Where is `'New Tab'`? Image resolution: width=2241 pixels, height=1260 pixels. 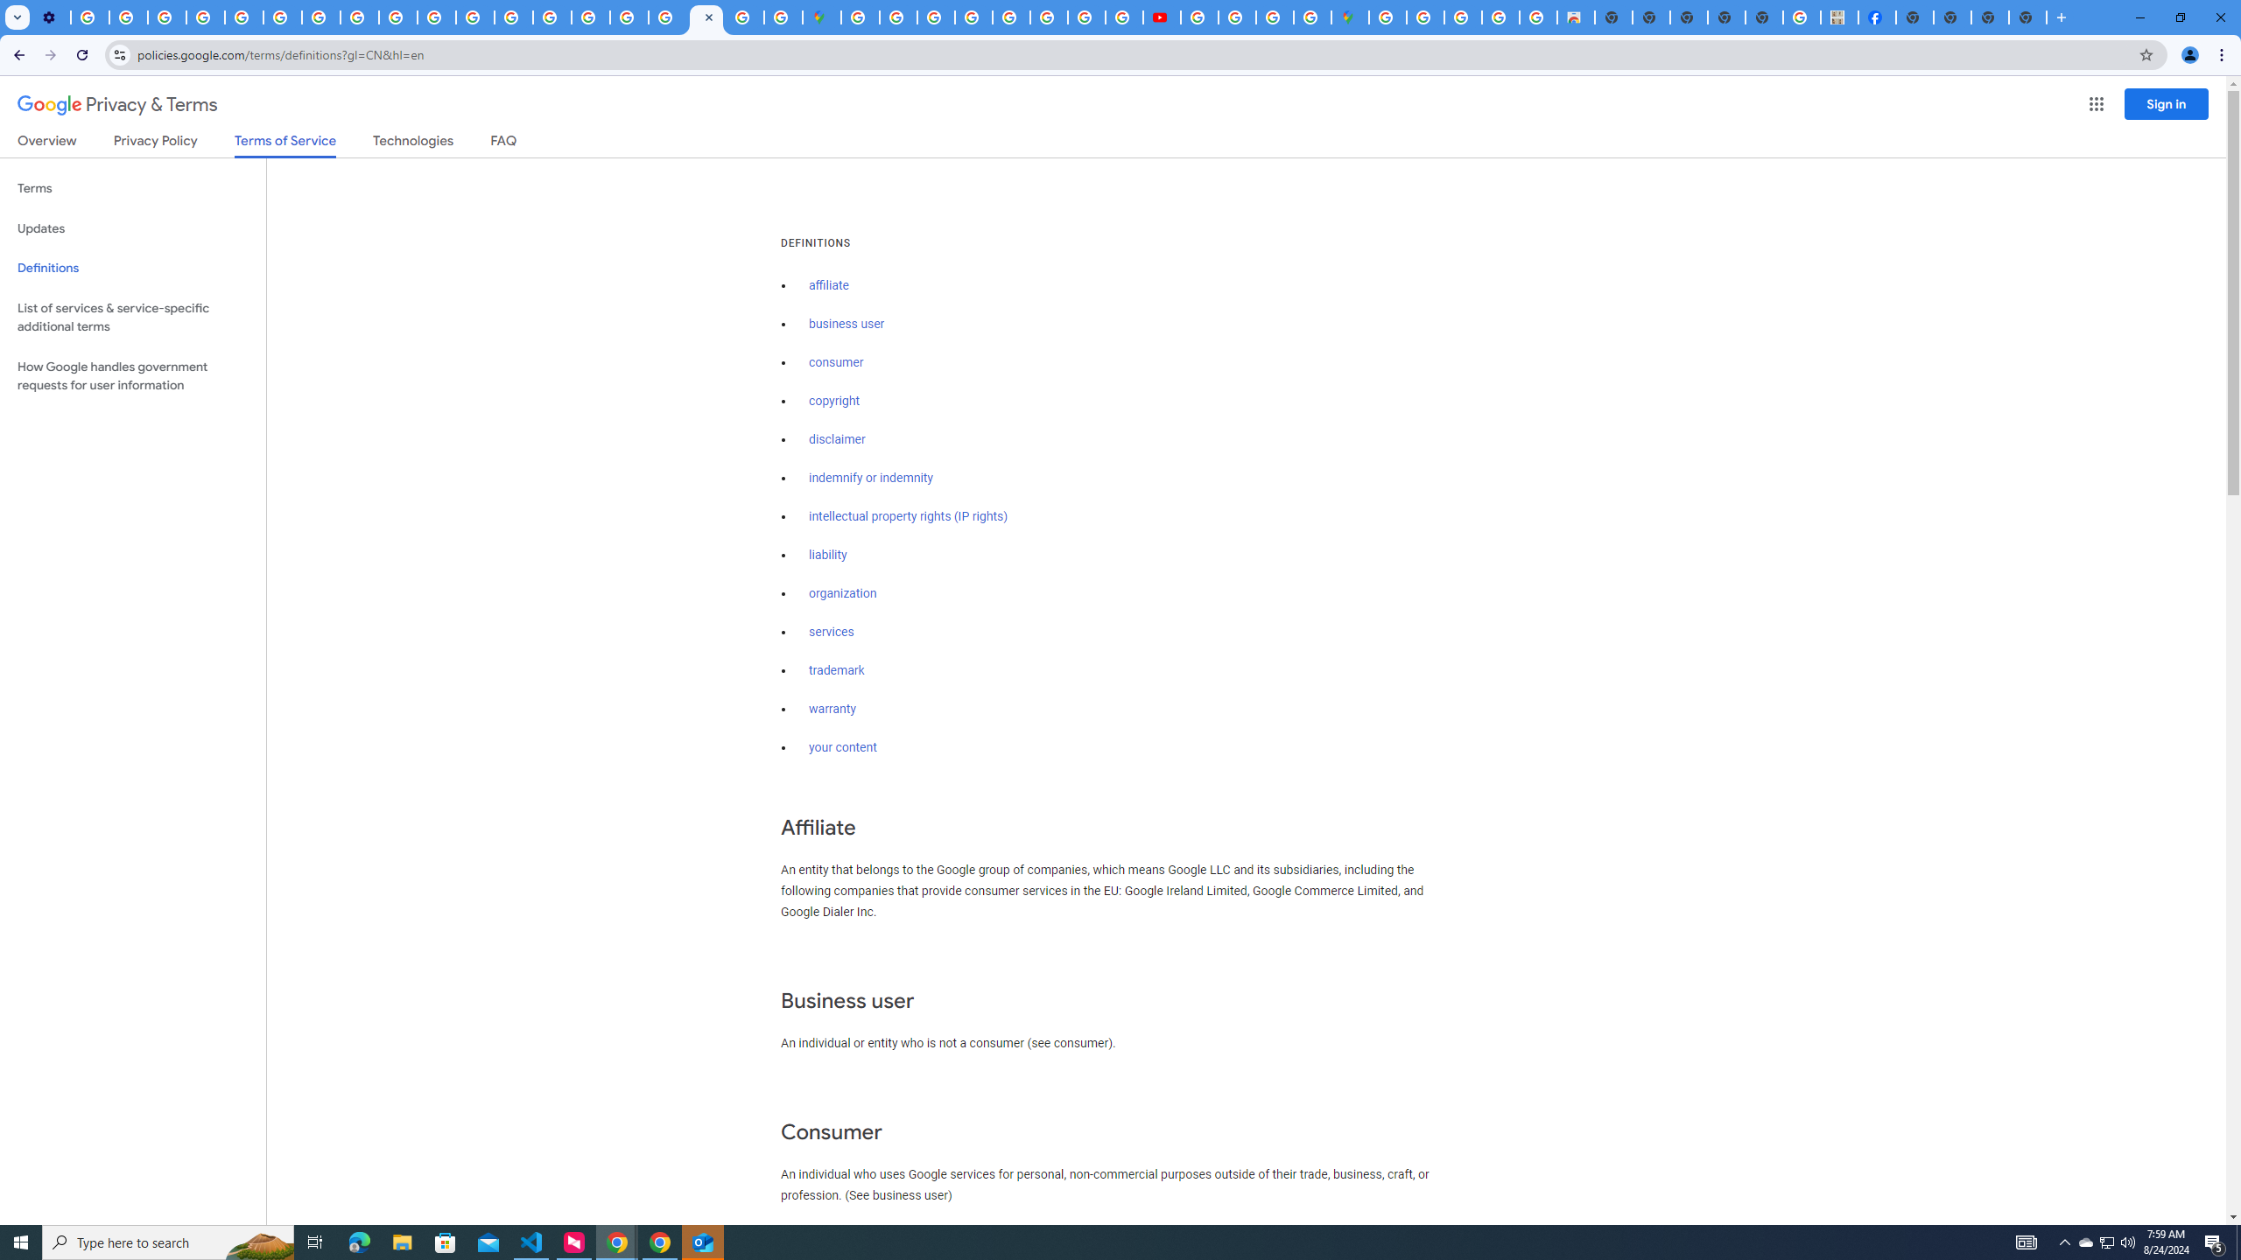 'New Tab' is located at coordinates (1914, 17).